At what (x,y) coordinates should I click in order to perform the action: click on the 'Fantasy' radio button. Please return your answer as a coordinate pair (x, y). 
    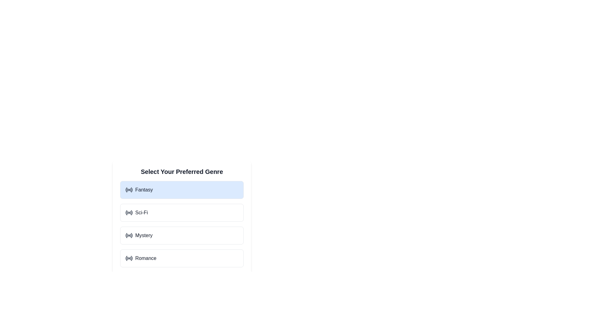
    Looking at the image, I should click on (128, 190).